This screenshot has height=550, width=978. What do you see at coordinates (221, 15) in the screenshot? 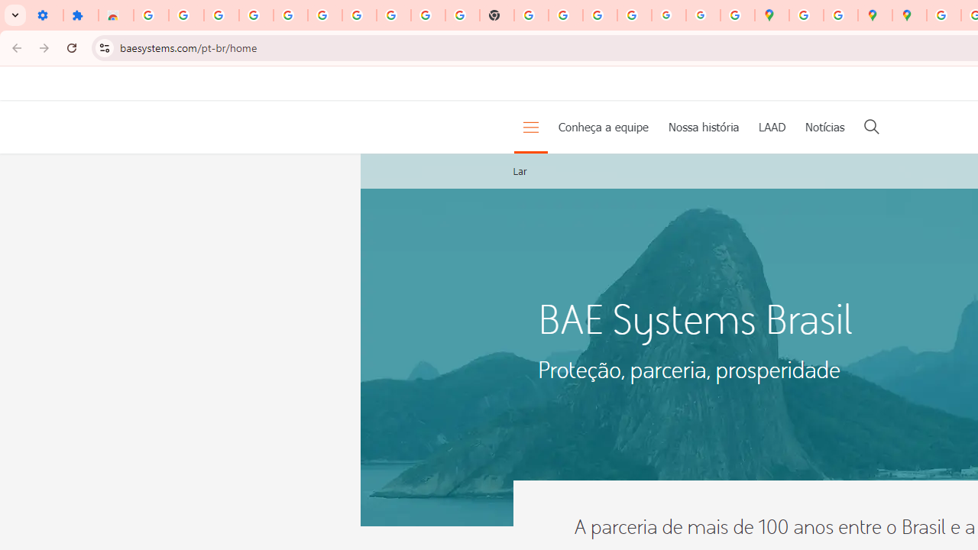
I see `'Delete photos & videos - Computer - Google Photos Help'` at bounding box center [221, 15].